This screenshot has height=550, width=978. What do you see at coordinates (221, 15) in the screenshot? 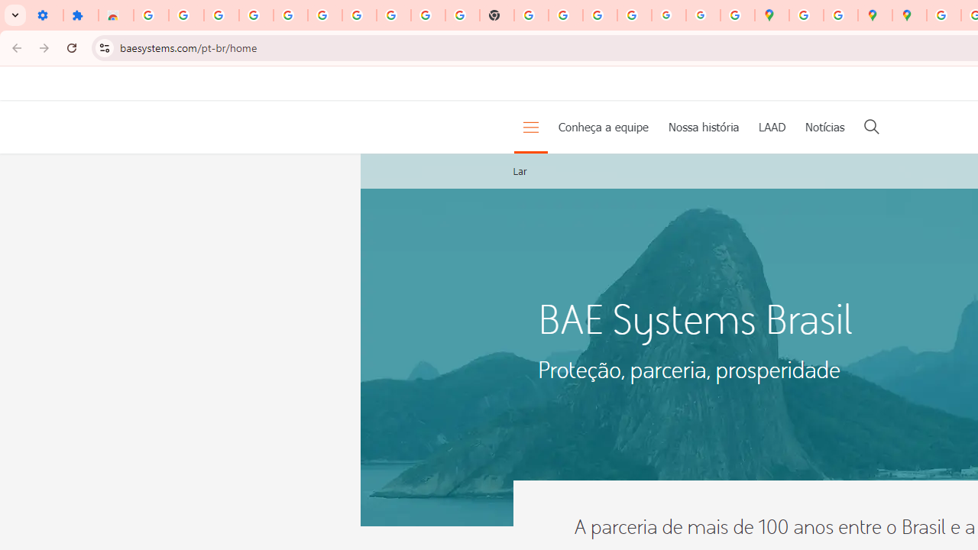
I see `'Delete photos & videos - Computer - Google Photos Help'` at bounding box center [221, 15].